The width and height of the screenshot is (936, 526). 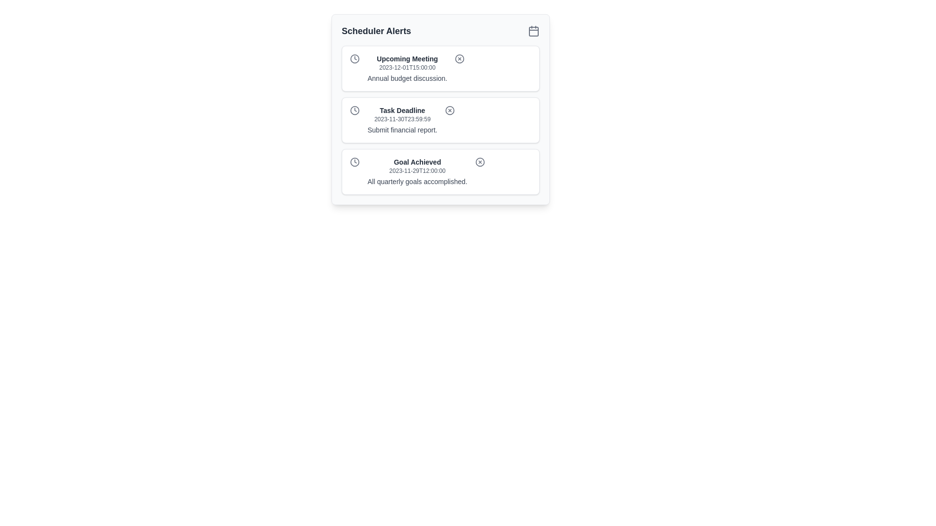 I want to click on the Text Label that serves as the header for the notification card in the 'Scheduler Alerts' widget, positioned at the top of the middle card, so click(x=402, y=110).